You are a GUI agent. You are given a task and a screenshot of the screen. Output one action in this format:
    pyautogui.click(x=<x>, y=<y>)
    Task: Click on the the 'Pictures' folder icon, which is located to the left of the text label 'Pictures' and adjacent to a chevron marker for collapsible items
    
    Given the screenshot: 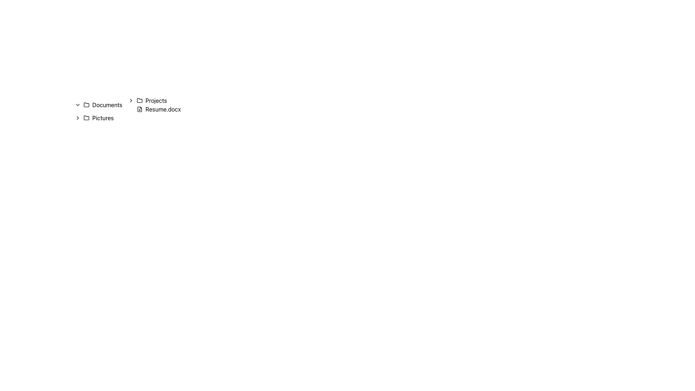 What is the action you would take?
    pyautogui.click(x=87, y=118)
    